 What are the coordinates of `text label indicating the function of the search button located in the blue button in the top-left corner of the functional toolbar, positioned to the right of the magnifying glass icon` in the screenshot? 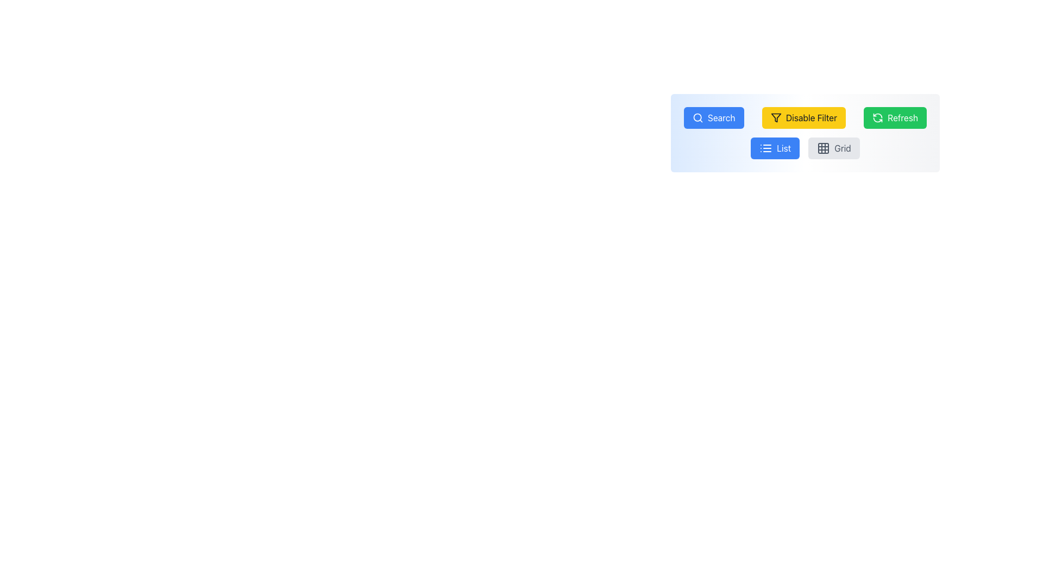 It's located at (721, 117).